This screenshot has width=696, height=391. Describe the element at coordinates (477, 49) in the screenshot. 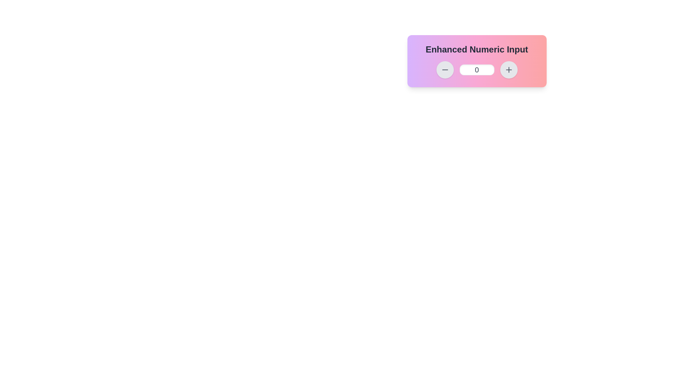

I see `the static text headline displaying 'Enhanced Numeric Input', which is bold, large, and centered at the top of the interface with a gradient background` at that location.